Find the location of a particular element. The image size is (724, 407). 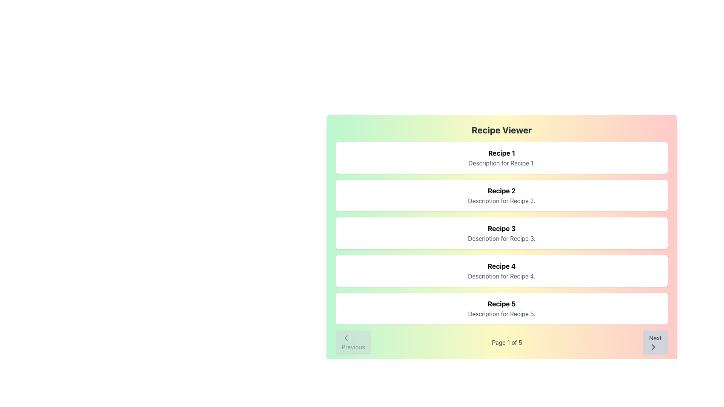

the triangular icon pointing to the right, which is part of the 'Next' button located at the bottom right corner of the interface is located at coordinates (653, 347).